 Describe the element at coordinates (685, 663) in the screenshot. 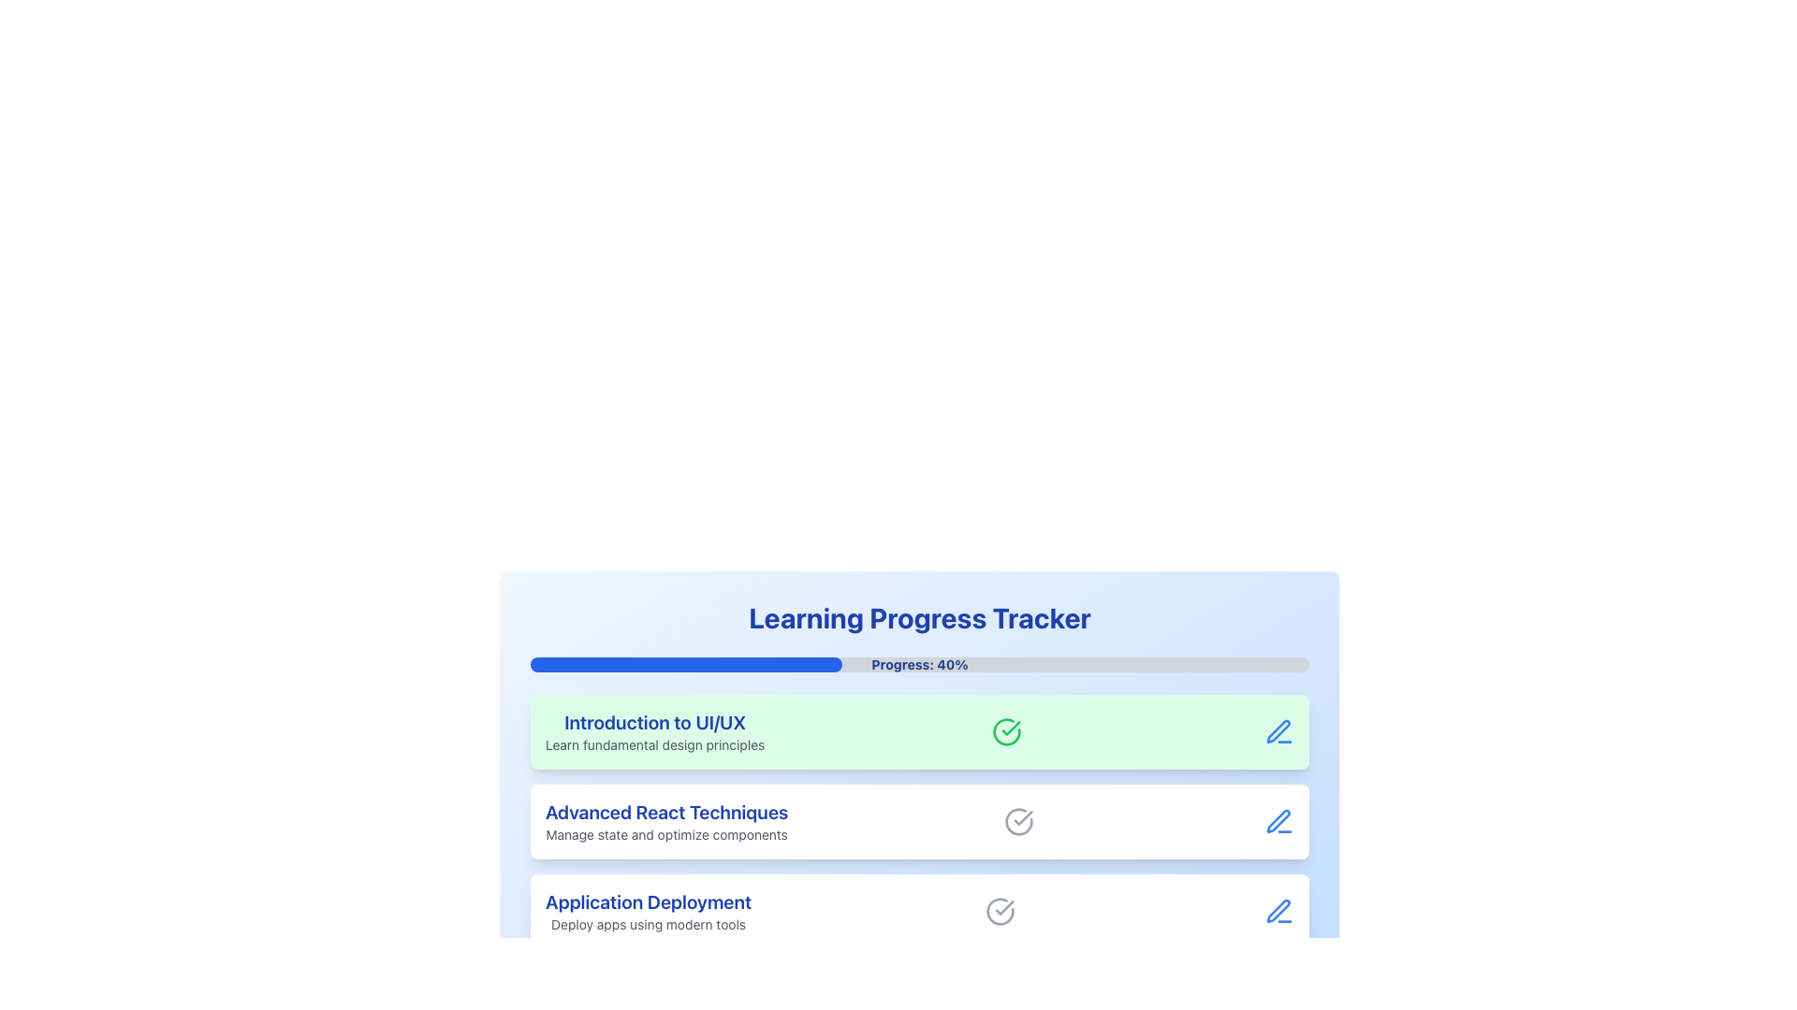

I see `the progress indicator bar, which visually represents the progress status with a blue completed portion, located below the 'Learning Progress Tracker' title` at that location.